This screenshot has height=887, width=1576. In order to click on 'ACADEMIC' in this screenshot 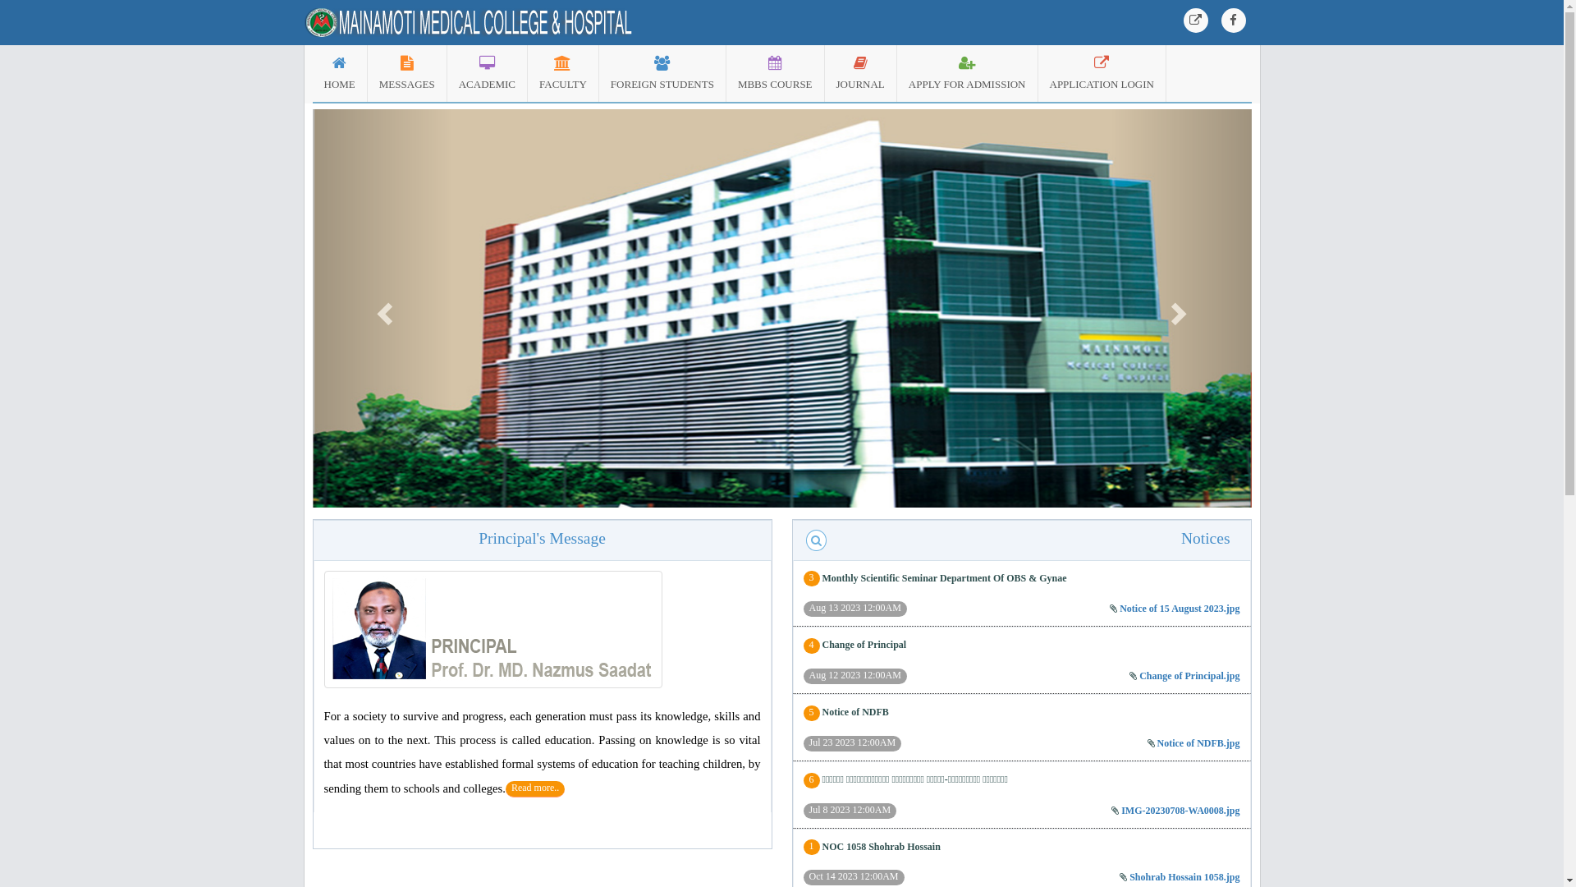, I will do `click(486, 72)`.